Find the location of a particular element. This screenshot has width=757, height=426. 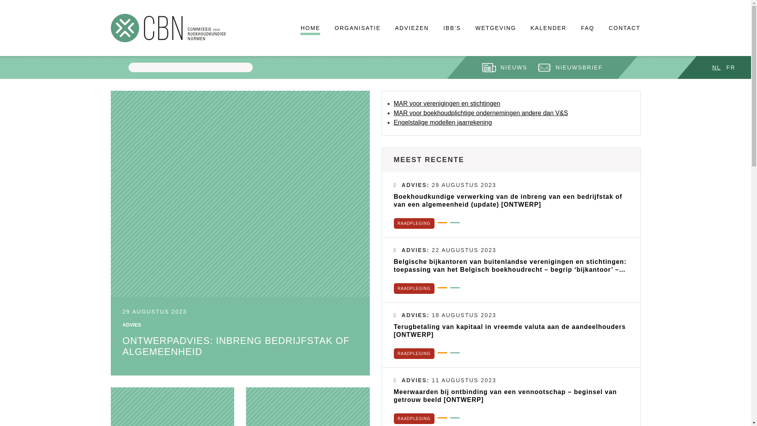

'FR' is located at coordinates (730, 67).